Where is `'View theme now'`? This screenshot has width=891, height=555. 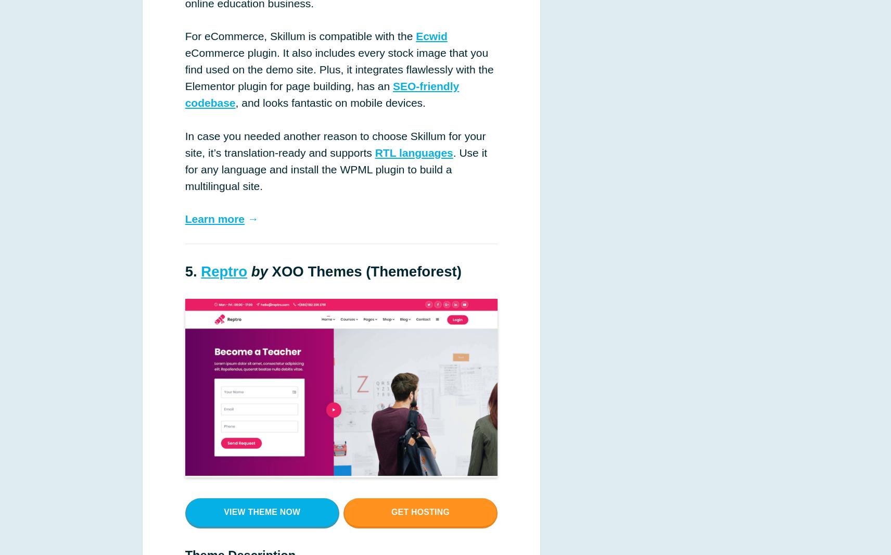 'View theme now' is located at coordinates (261, 512).